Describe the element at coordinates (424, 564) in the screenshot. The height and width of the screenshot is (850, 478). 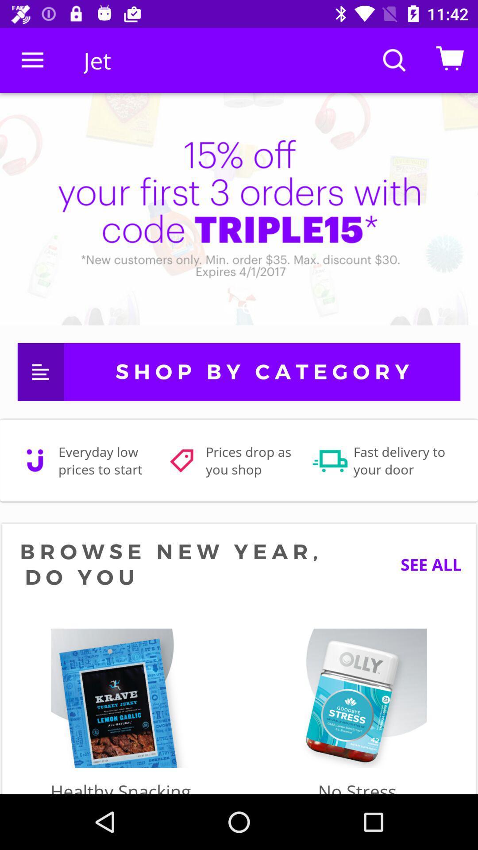
I see `the see all icon` at that location.